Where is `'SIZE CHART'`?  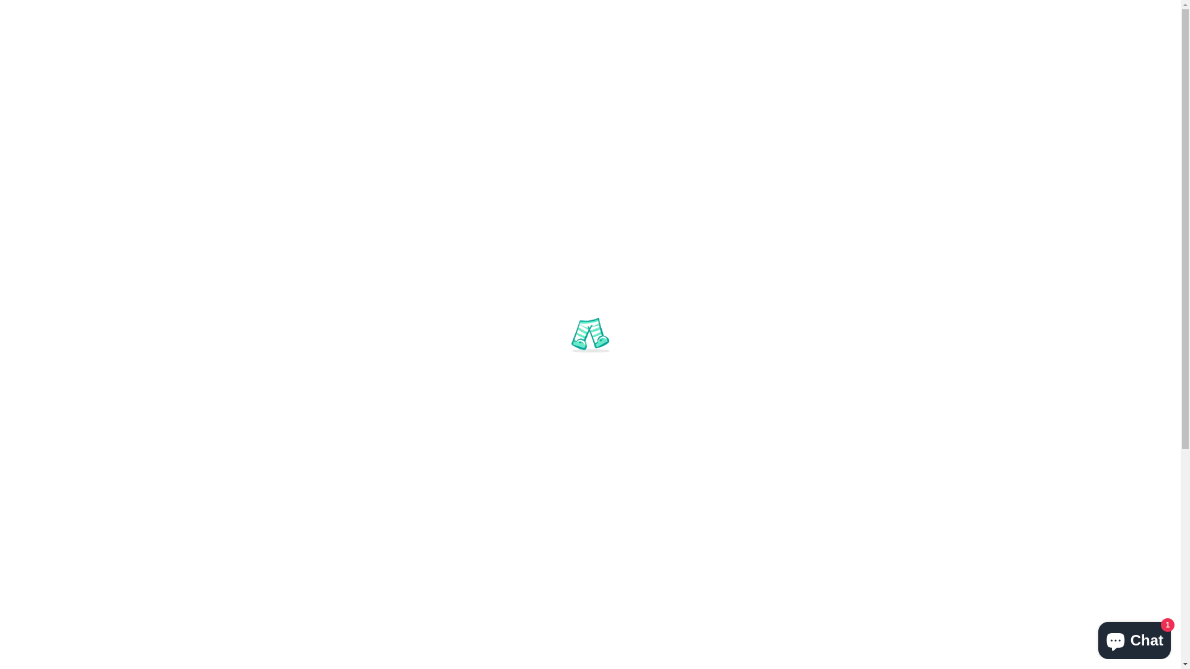 'SIZE CHART' is located at coordinates (806, 172).